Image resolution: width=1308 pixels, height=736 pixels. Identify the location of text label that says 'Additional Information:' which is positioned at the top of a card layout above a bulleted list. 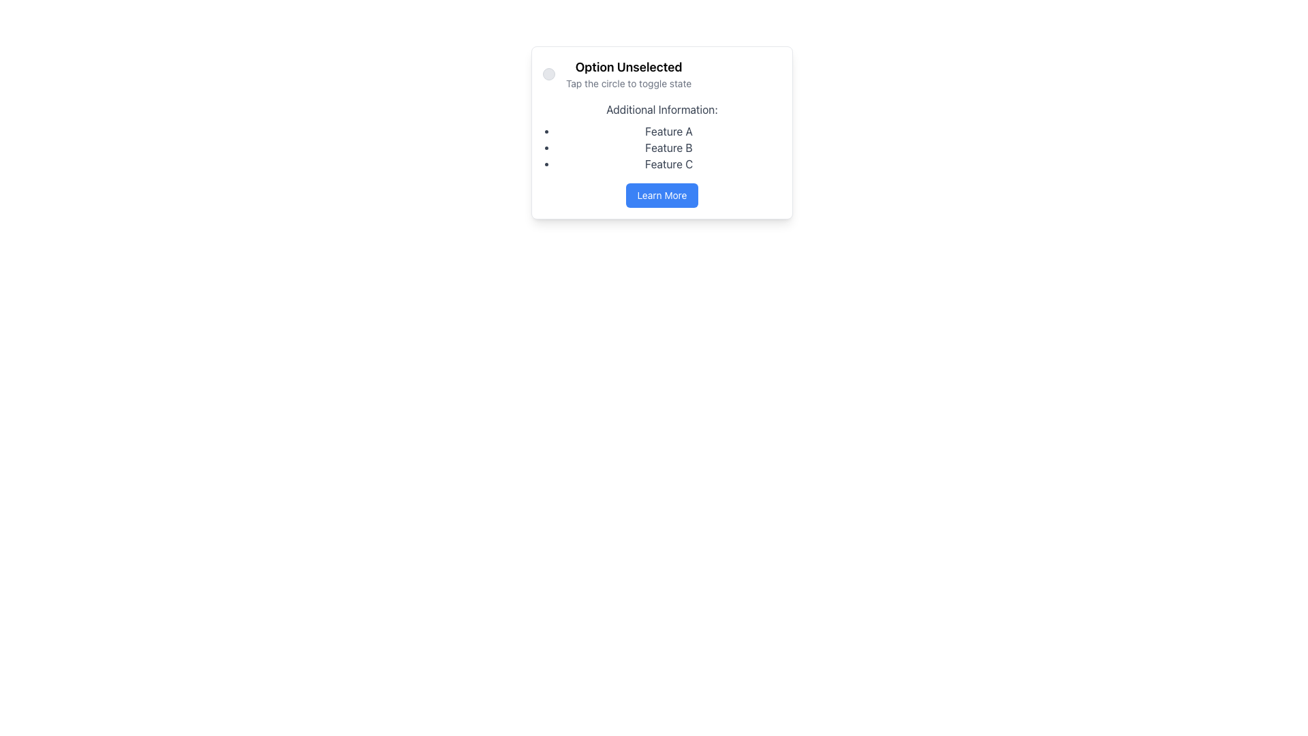
(661, 109).